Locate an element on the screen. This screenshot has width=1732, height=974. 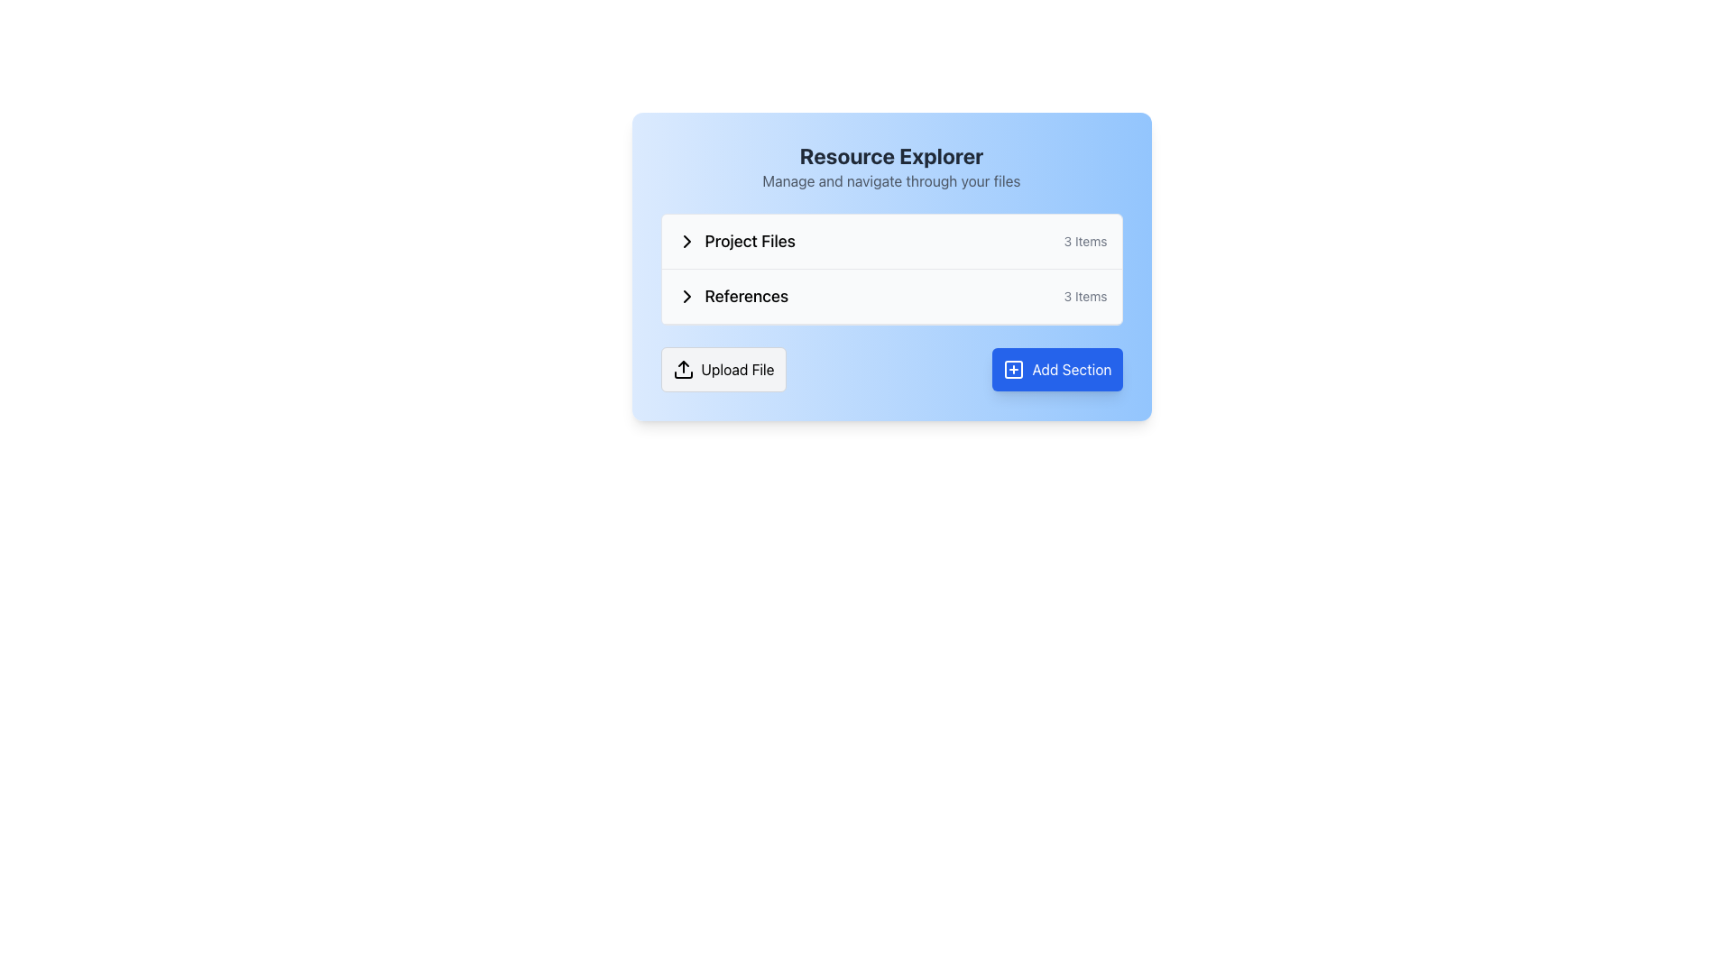
the minimalistic black outline arrow icon pointing to the right, located to the left of the 'References' text is located at coordinates (686, 295).